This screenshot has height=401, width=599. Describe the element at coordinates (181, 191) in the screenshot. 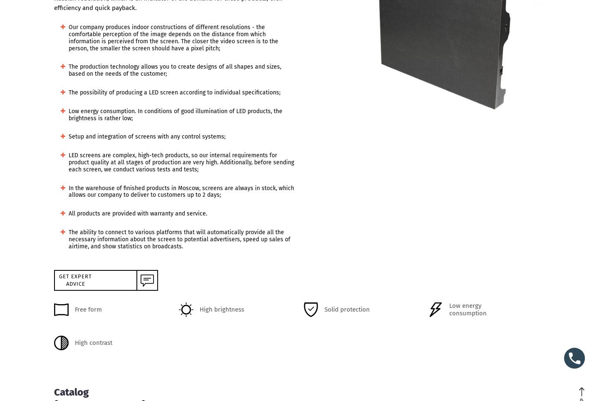

I see `'In the warehouse of finished products in Moscow, screens are always in stock, which allows our company to deliver to customers up to 2 days;'` at that location.